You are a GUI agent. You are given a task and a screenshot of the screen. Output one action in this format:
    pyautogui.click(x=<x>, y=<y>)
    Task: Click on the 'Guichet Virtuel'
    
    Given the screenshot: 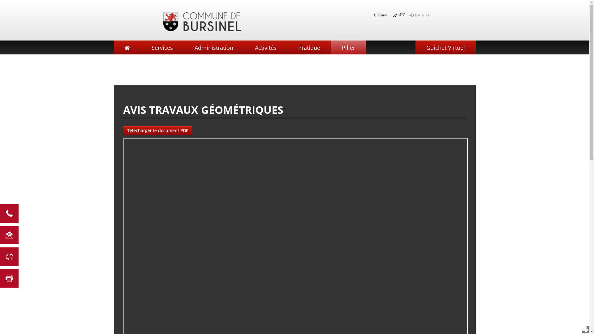 What is the action you would take?
    pyautogui.click(x=445, y=47)
    